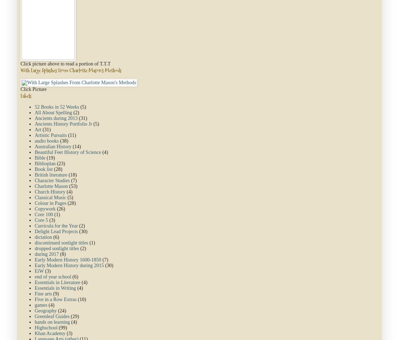  What do you see at coordinates (35, 175) in the screenshot?
I see `'British literature'` at bounding box center [35, 175].